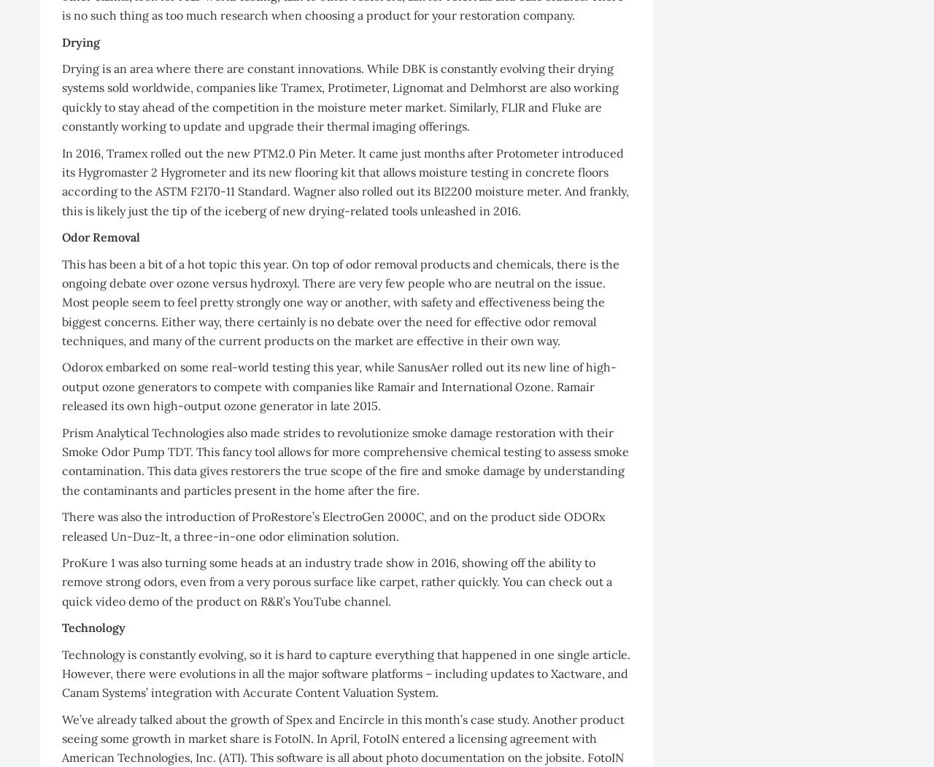 Image resolution: width=934 pixels, height=767 pixels. Describe the element at coordinates (93, 627) in the screenshot. I see `'Technology'` at that location.